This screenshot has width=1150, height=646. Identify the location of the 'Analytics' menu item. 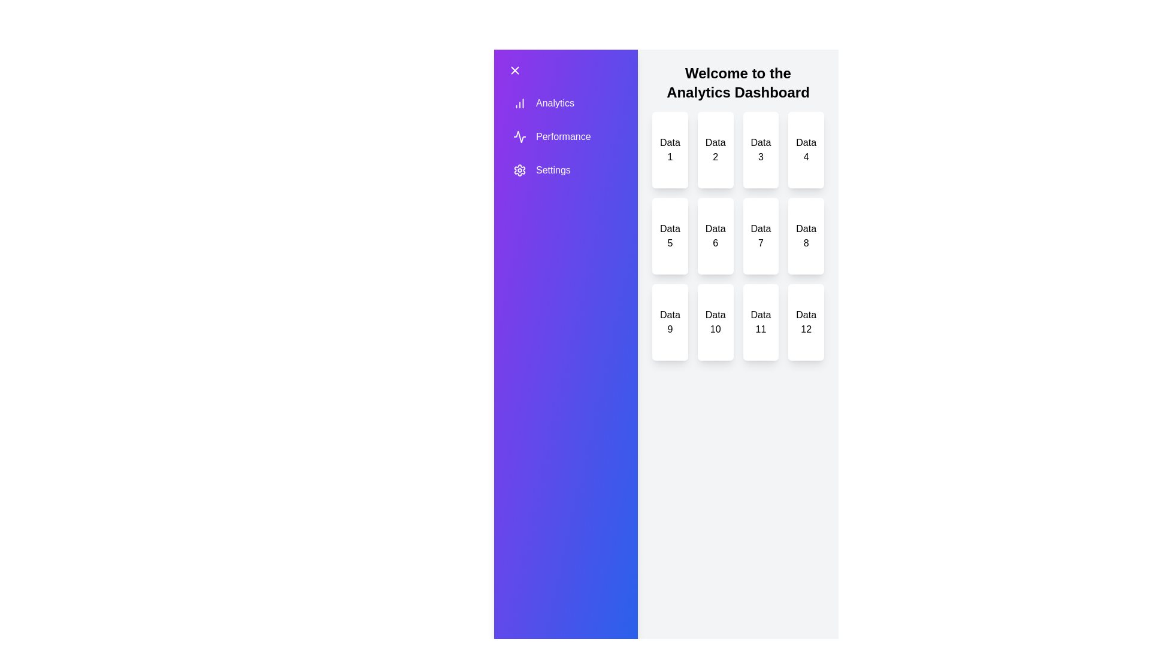
(551, 103).